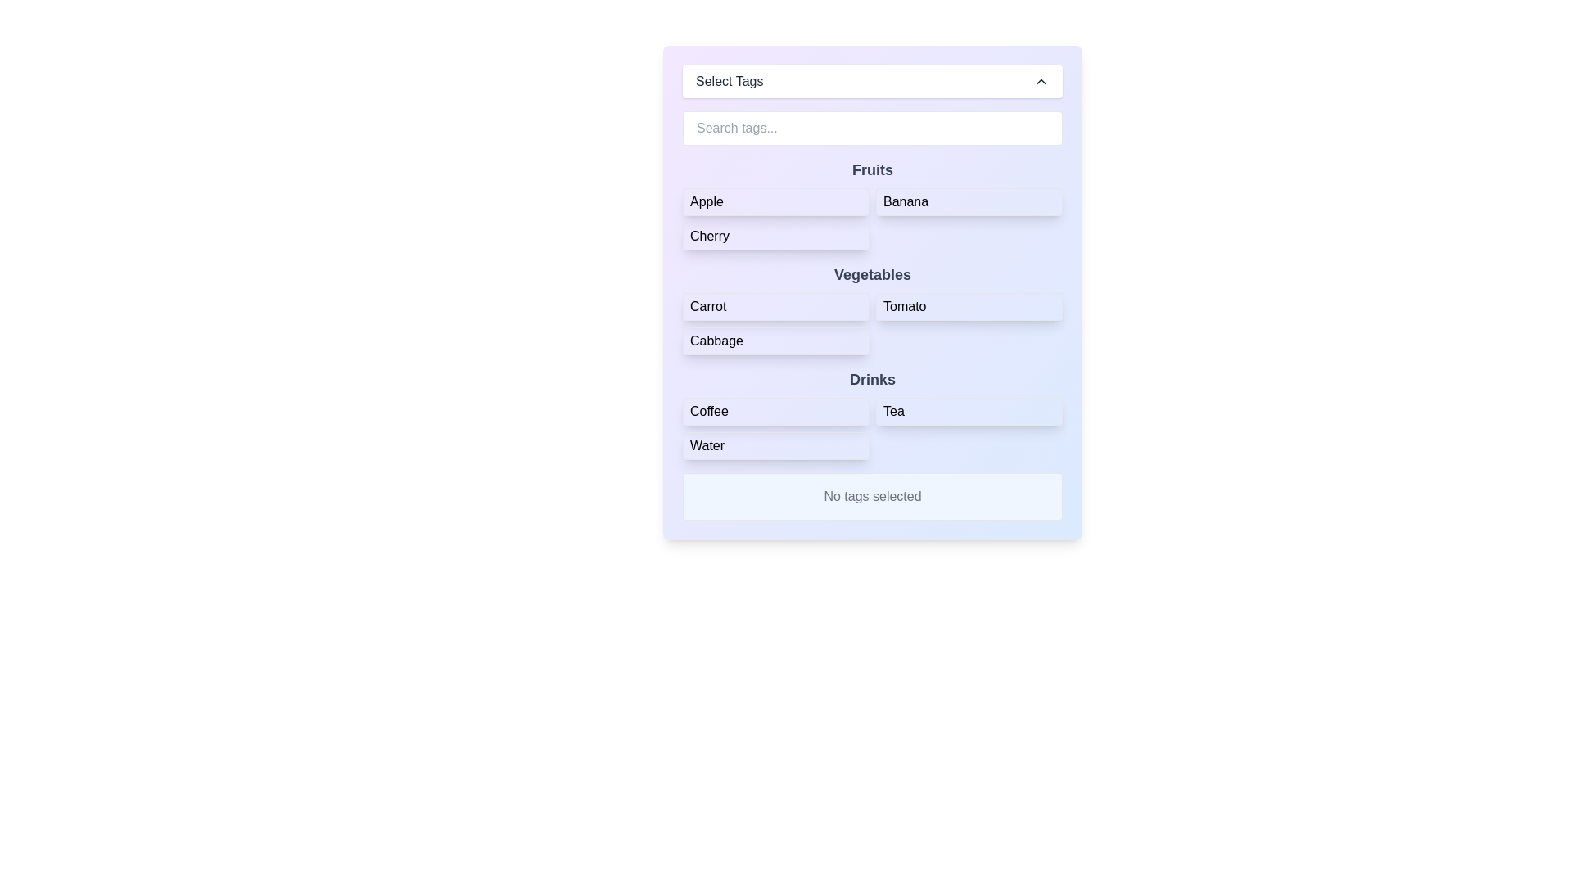  Describe the element at coordinates (710, 237) in the screenshot. I see `the 'Cherry' tag button in the 'Fruits' category` at that location.